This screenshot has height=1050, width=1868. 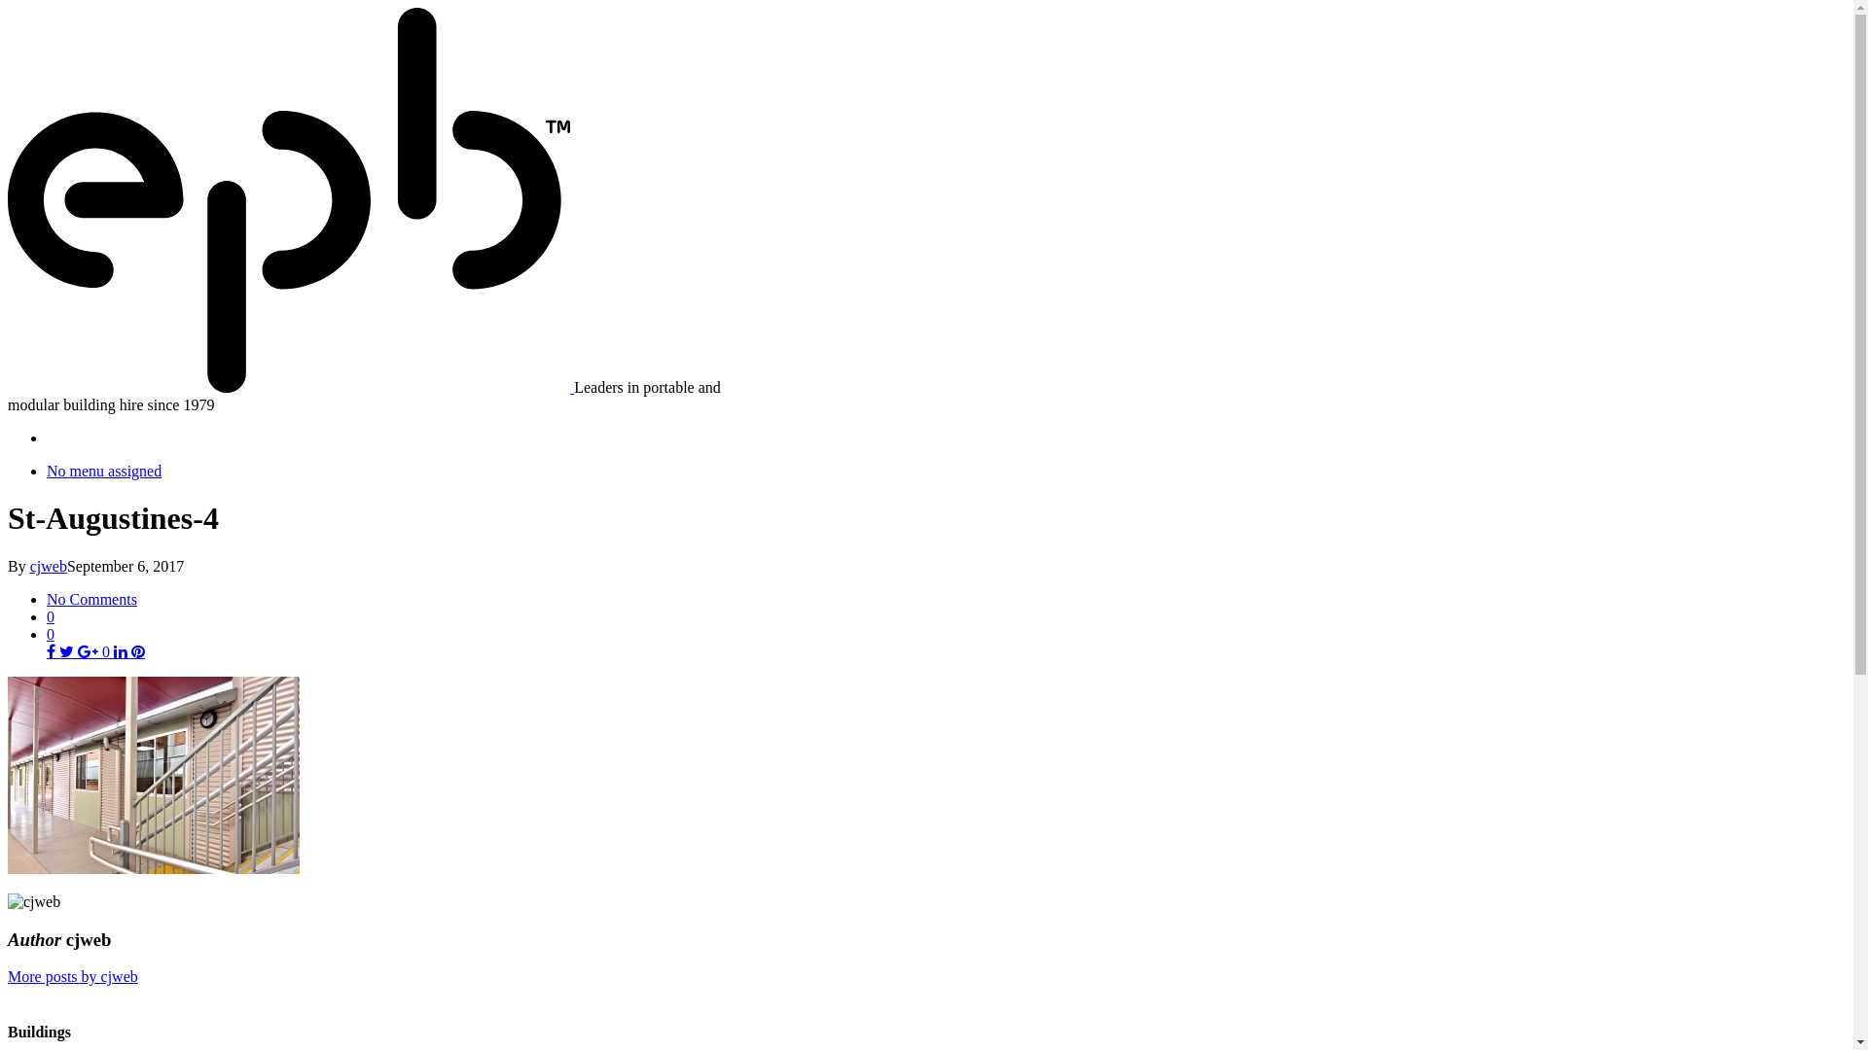 I want to click on 'Share this', so click(x=53, y=651).